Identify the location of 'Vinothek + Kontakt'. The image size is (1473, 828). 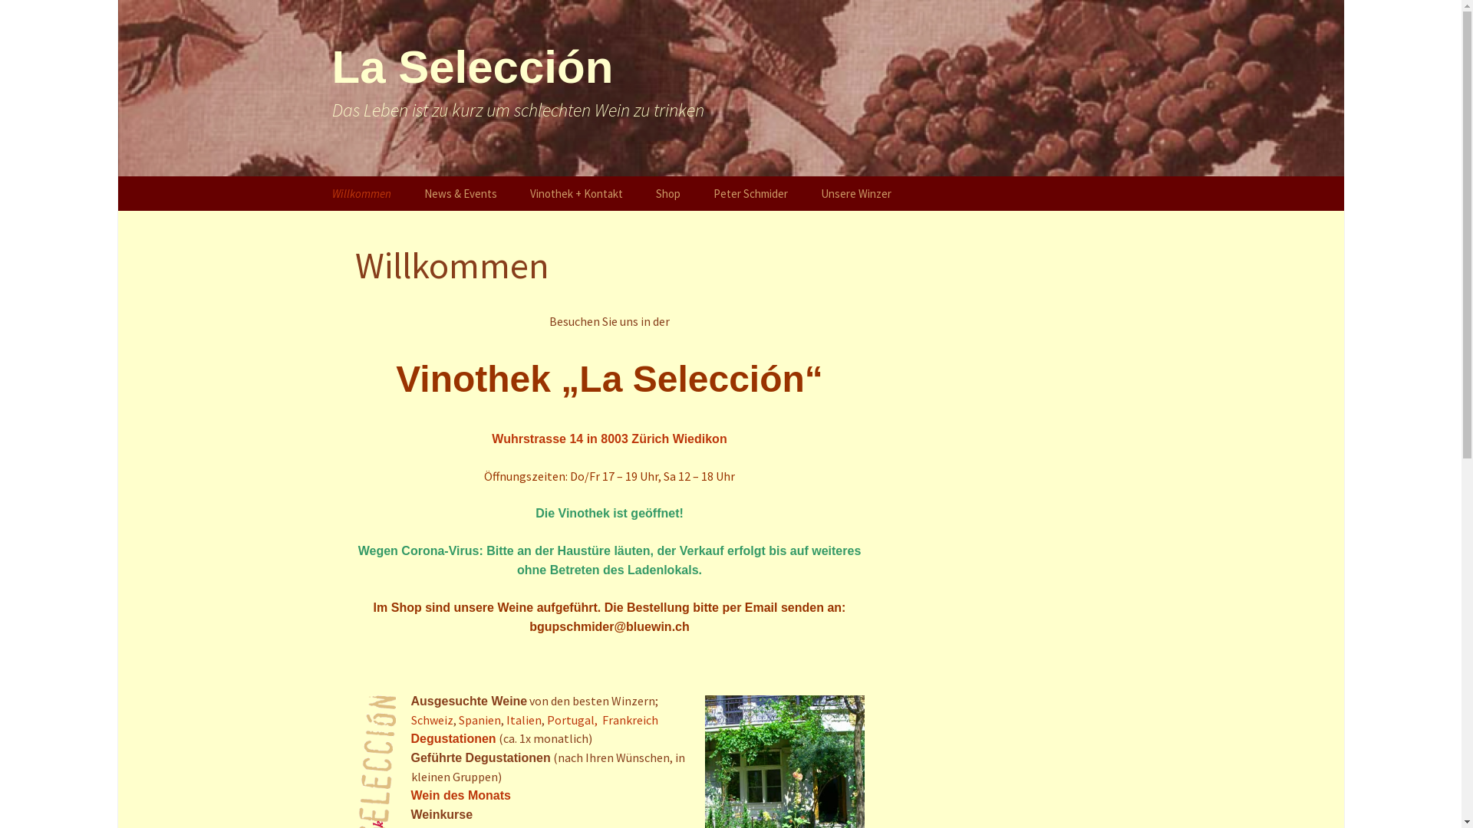
(575, 192).